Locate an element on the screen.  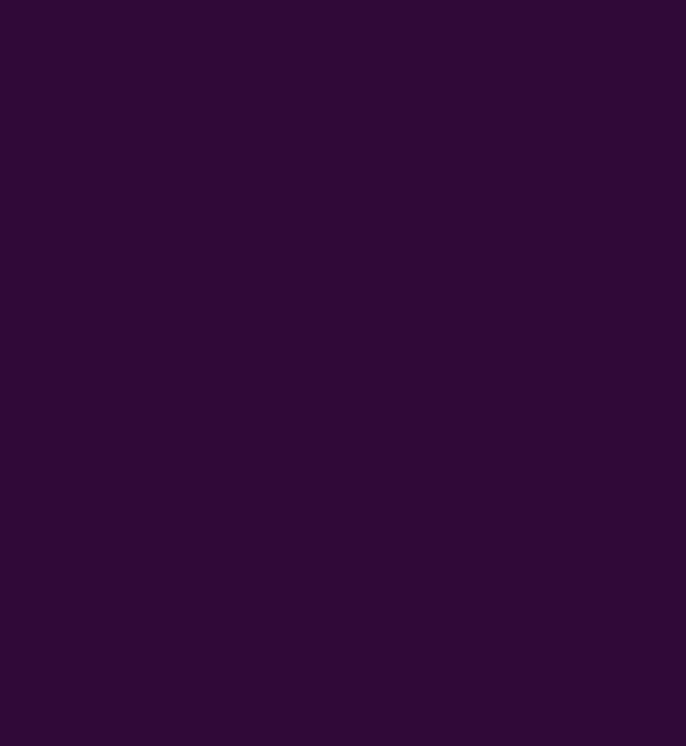
'Cash Fruits Plus' is located at coordinates (121, 19).